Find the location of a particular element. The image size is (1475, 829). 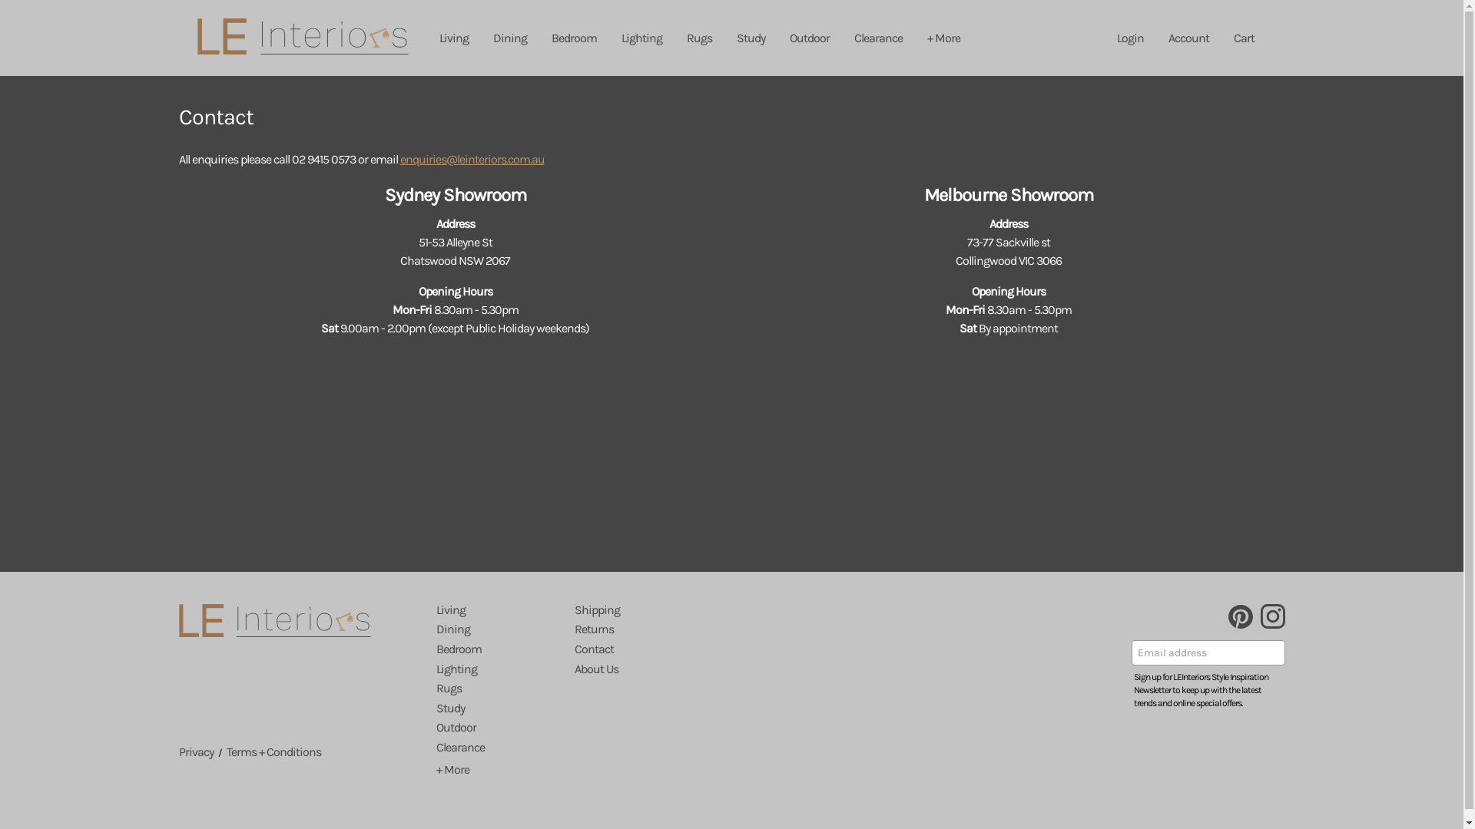

'Terms + Conditions' is located at coordinates (273, 751).